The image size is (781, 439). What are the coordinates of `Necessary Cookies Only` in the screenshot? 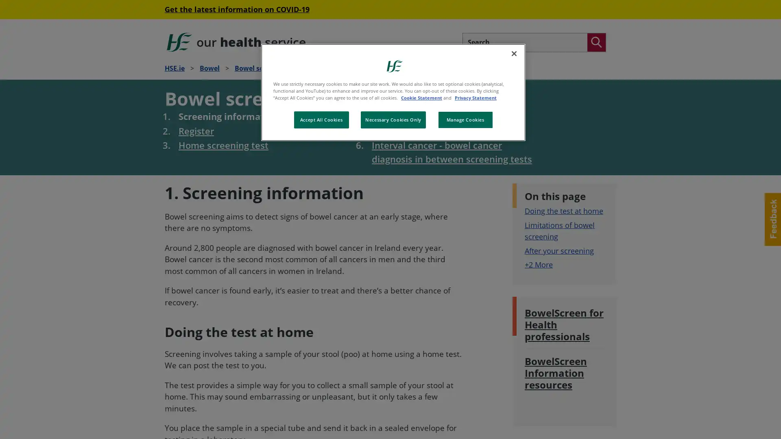 It's located at (393, 120).